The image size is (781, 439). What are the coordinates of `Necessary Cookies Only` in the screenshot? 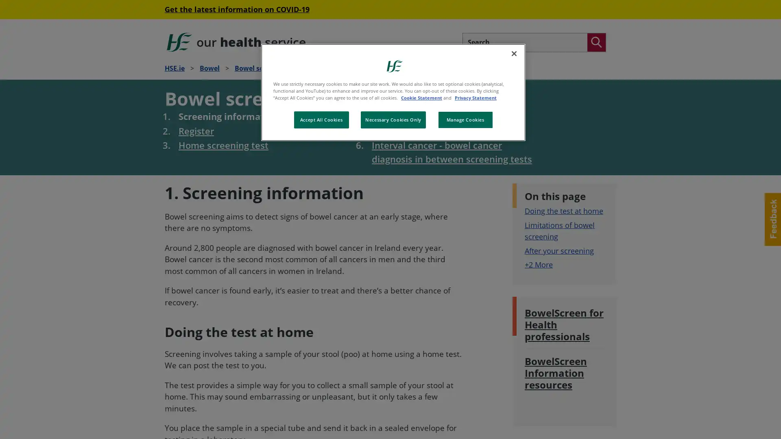 It's located at (393, 120).